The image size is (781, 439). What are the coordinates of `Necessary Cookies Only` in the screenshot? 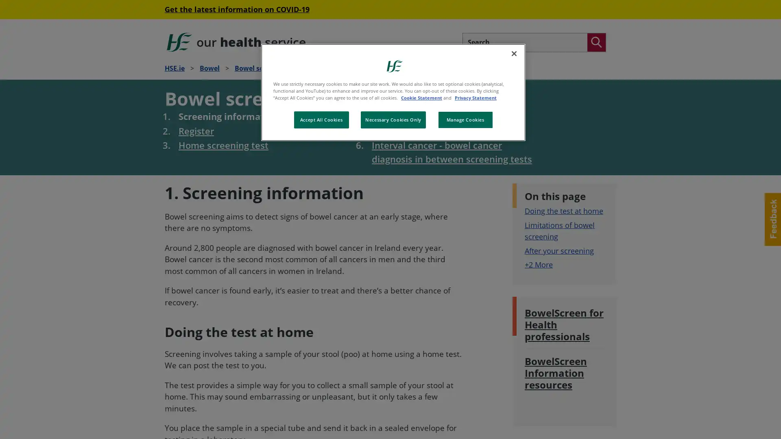 It's located at (393, 120).